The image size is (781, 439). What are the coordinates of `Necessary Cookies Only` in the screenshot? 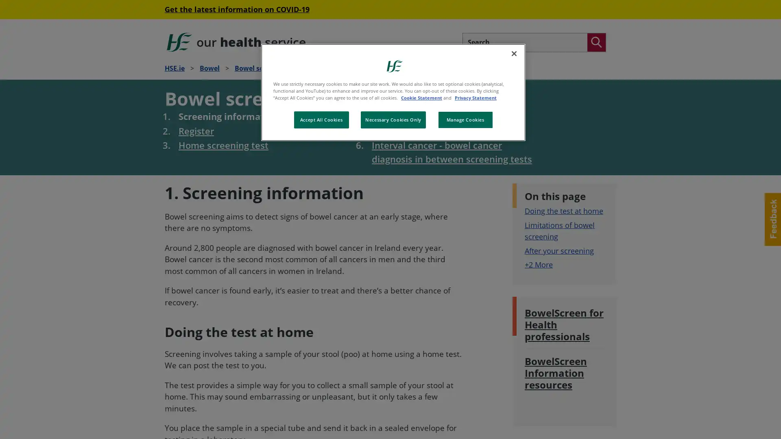 It's located at (393, 120).